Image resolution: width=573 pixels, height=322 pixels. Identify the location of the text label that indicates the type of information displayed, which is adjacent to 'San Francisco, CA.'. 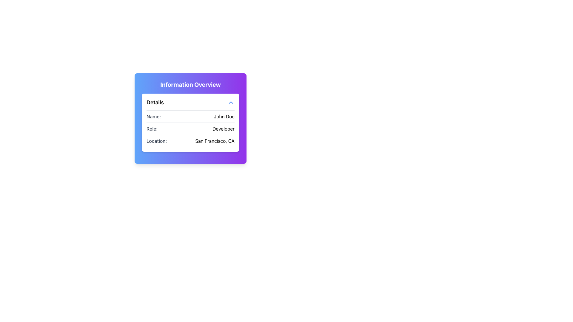
(157, 141).